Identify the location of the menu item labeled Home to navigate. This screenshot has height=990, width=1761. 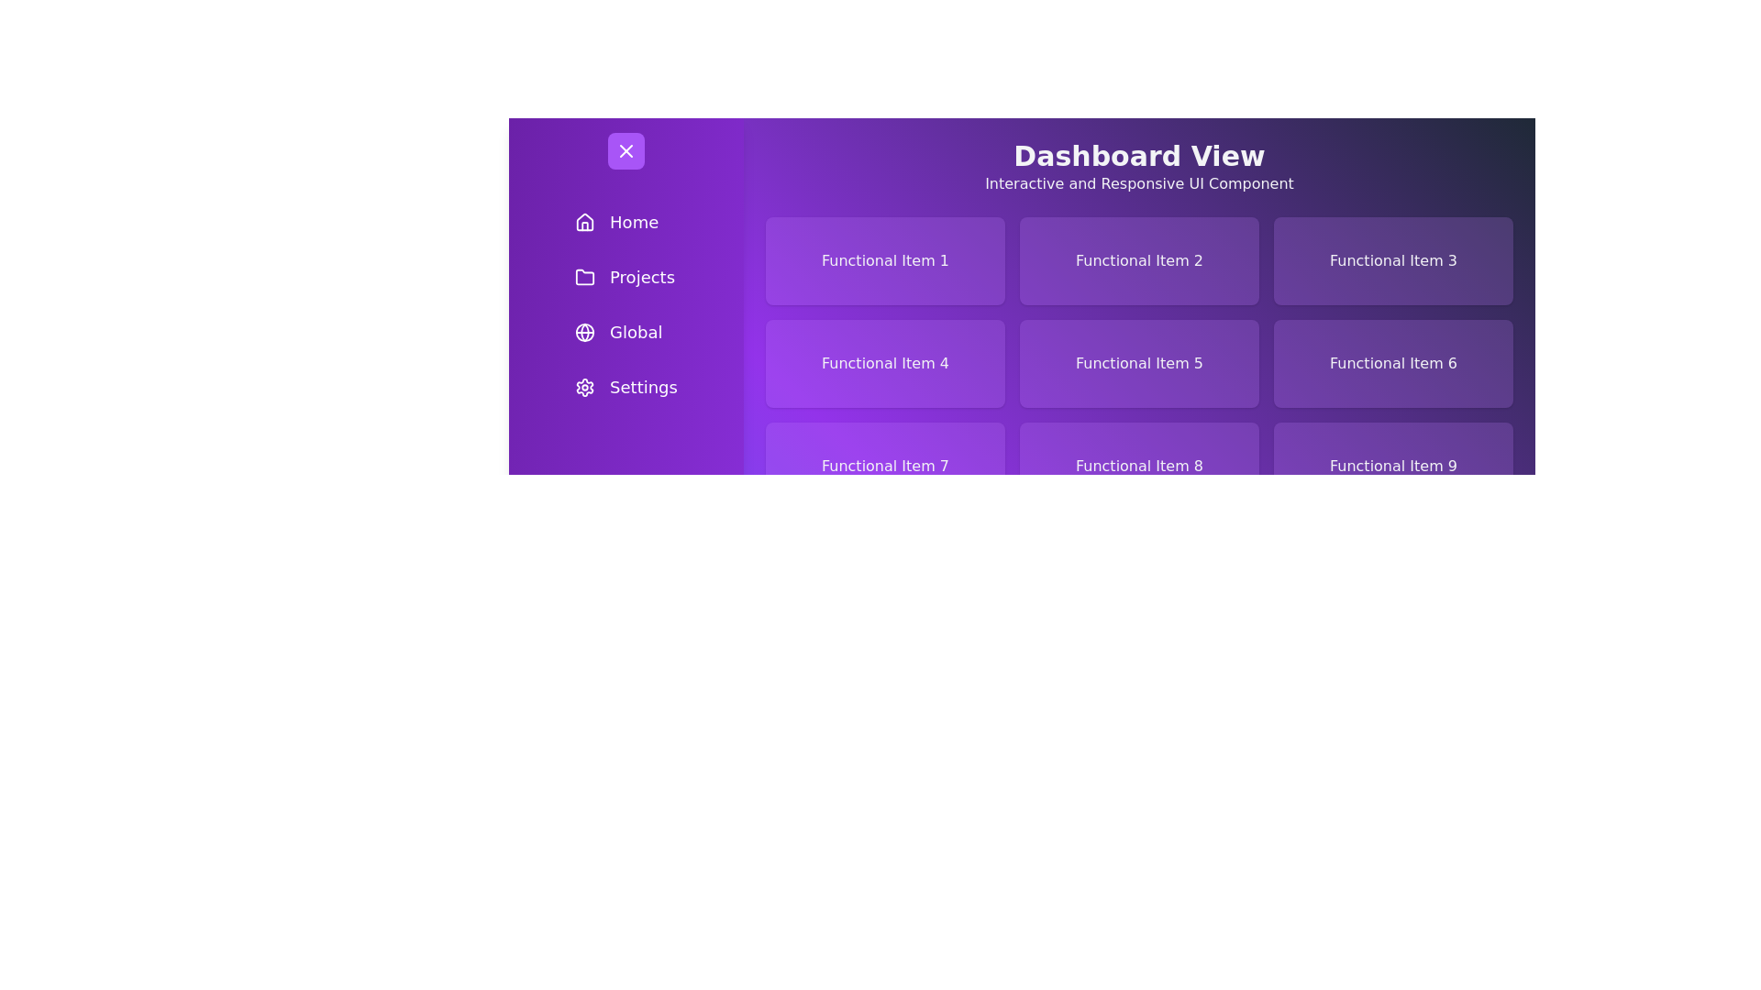
(626, 222).